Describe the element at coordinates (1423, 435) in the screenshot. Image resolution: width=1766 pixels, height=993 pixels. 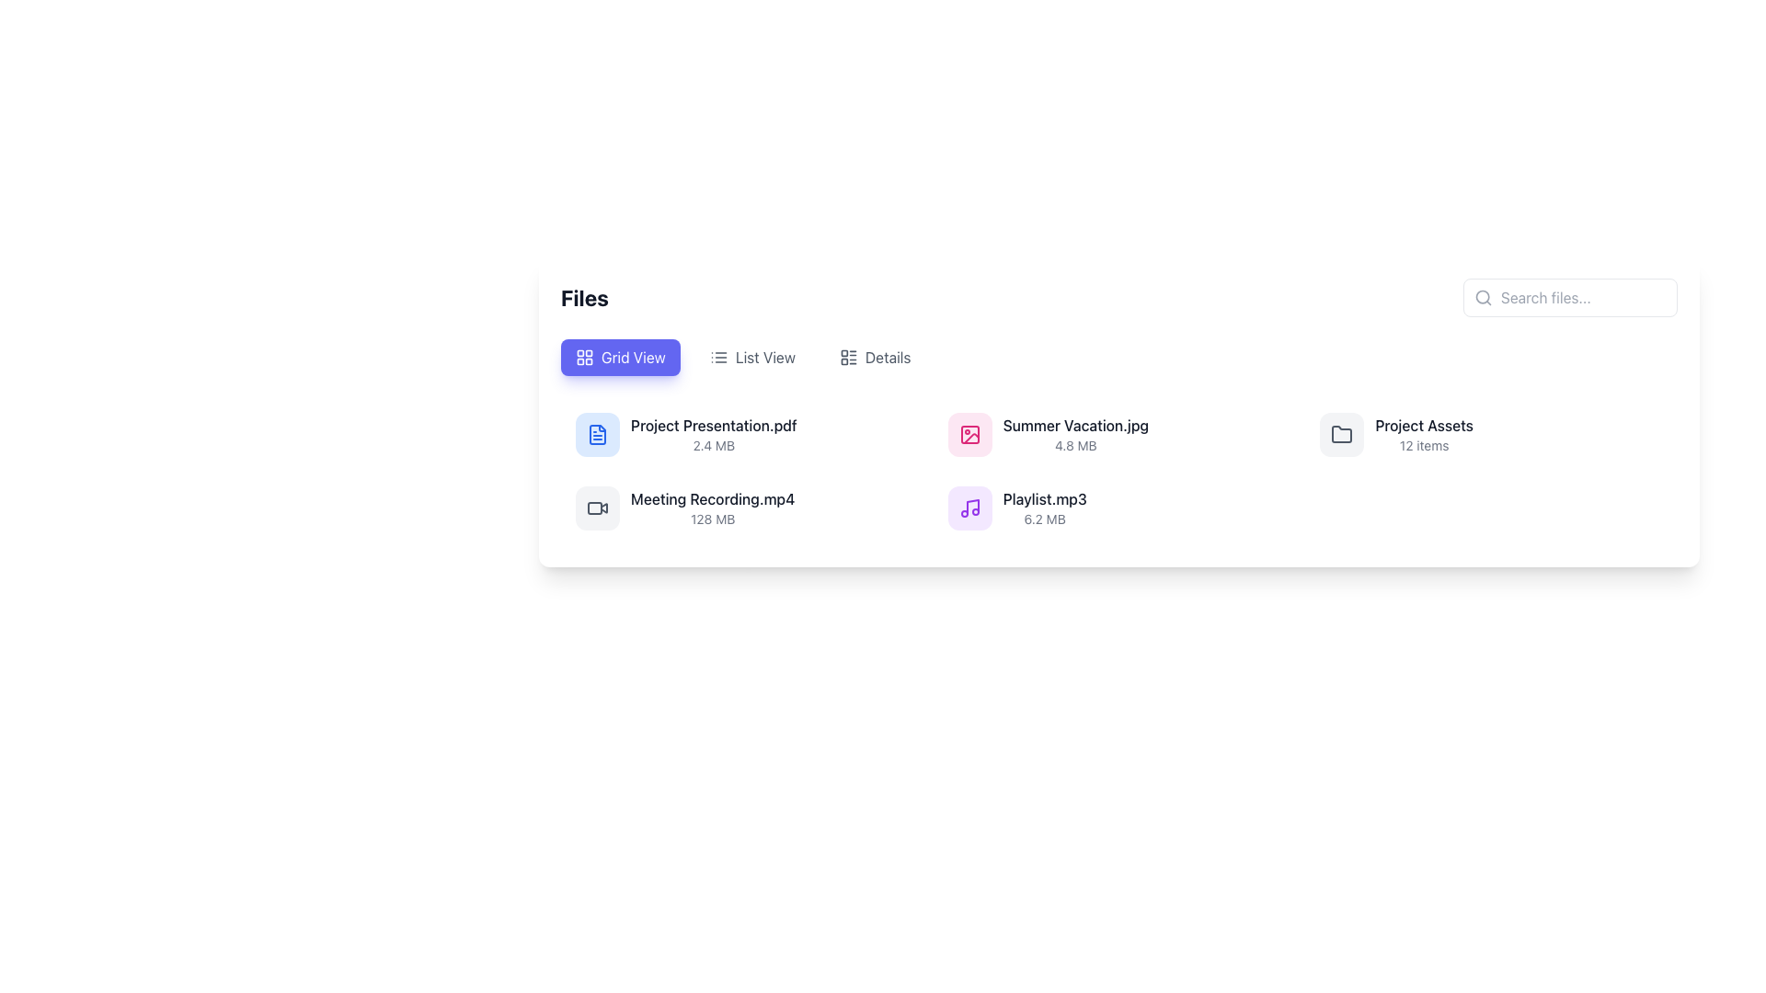
I see `the descriptive text element displaying 'Project Assets' and '12 items' located in the bottom-right corner of the grid view, adjacent to the folder icon` at that location.